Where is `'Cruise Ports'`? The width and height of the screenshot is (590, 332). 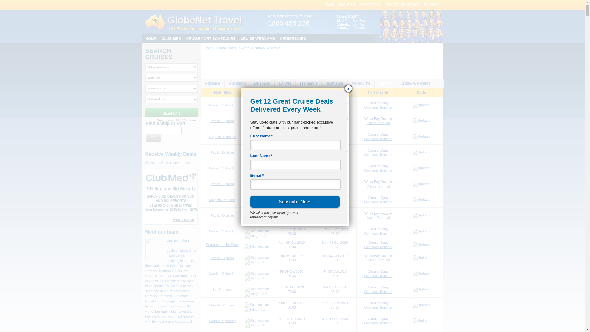
'Cruise Ports' is located at coordinates (226, 47).